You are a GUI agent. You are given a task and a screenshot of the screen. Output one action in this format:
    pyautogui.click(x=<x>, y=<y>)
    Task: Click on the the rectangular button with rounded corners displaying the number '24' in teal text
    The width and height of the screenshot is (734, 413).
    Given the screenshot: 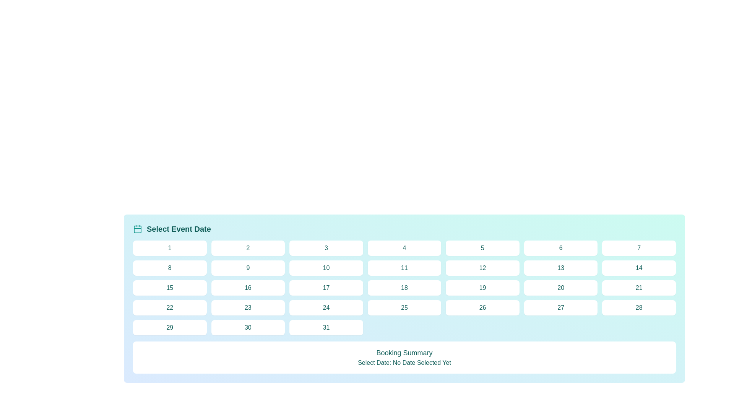 What is the action you would take?
    pyautogui.click(x=326, y=307)
    